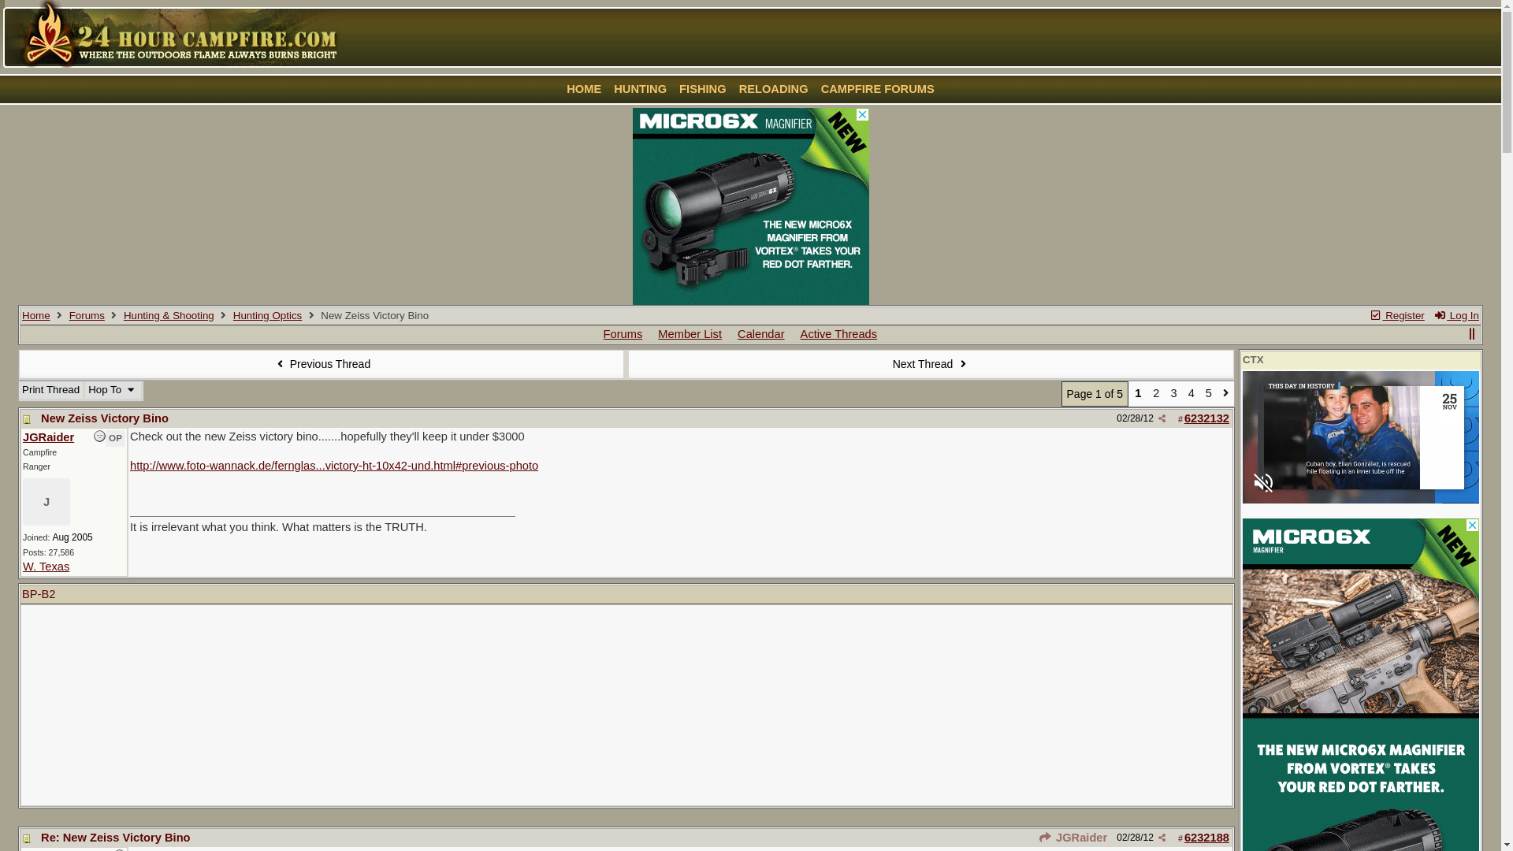 The image size is (1513, 851). What do you see at coordinates (19, 389) in the screenshot?
I see `'Print Thread'` at bounding box center [19, 389].